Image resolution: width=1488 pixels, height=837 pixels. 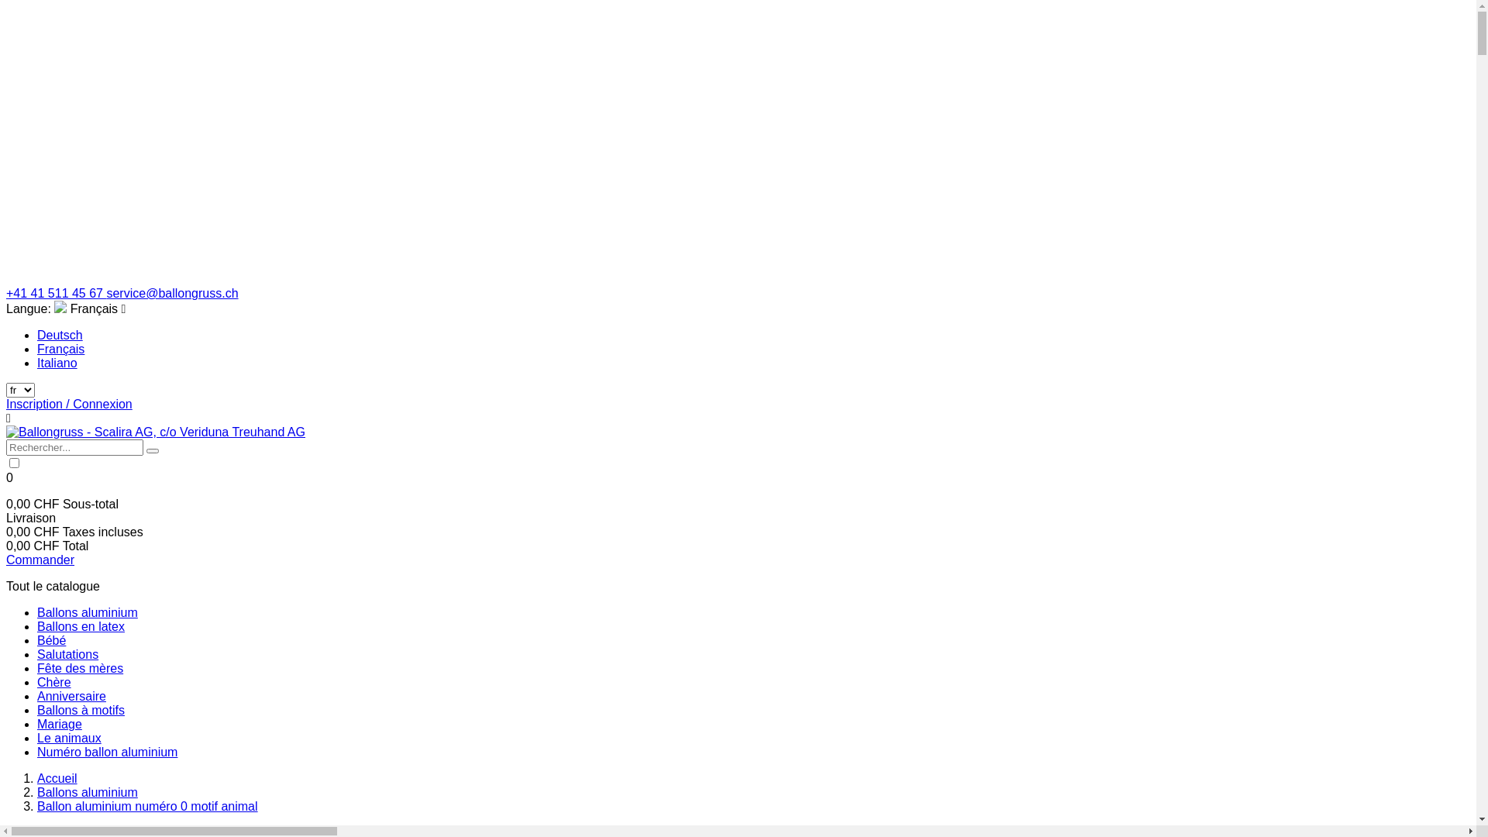 I want to click on 'Anniversaire', so click(x=71, y=695).